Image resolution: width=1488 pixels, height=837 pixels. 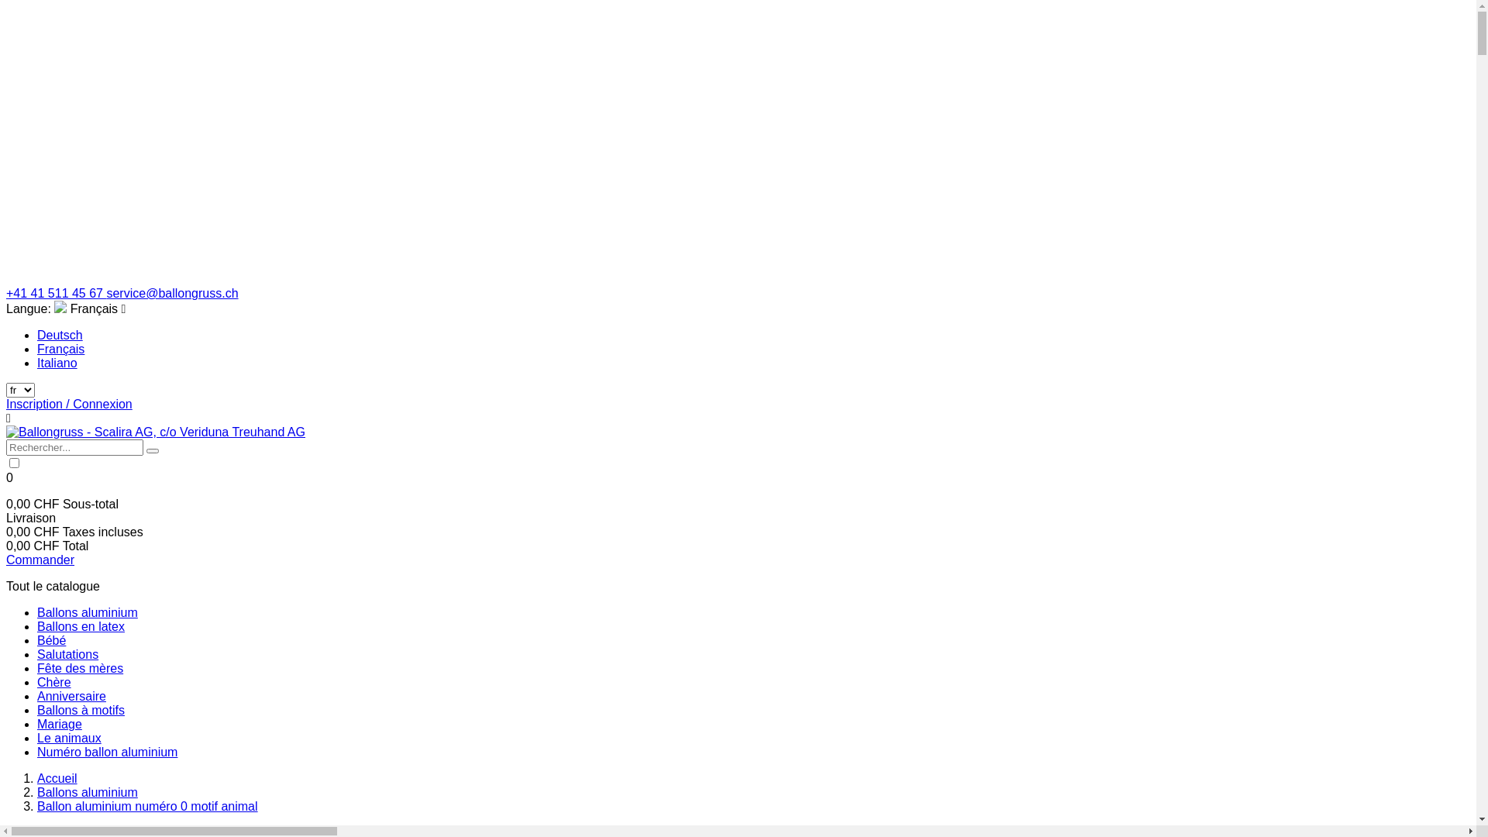 I want to click on 'Anniversaire', so click(x=71, y=695).